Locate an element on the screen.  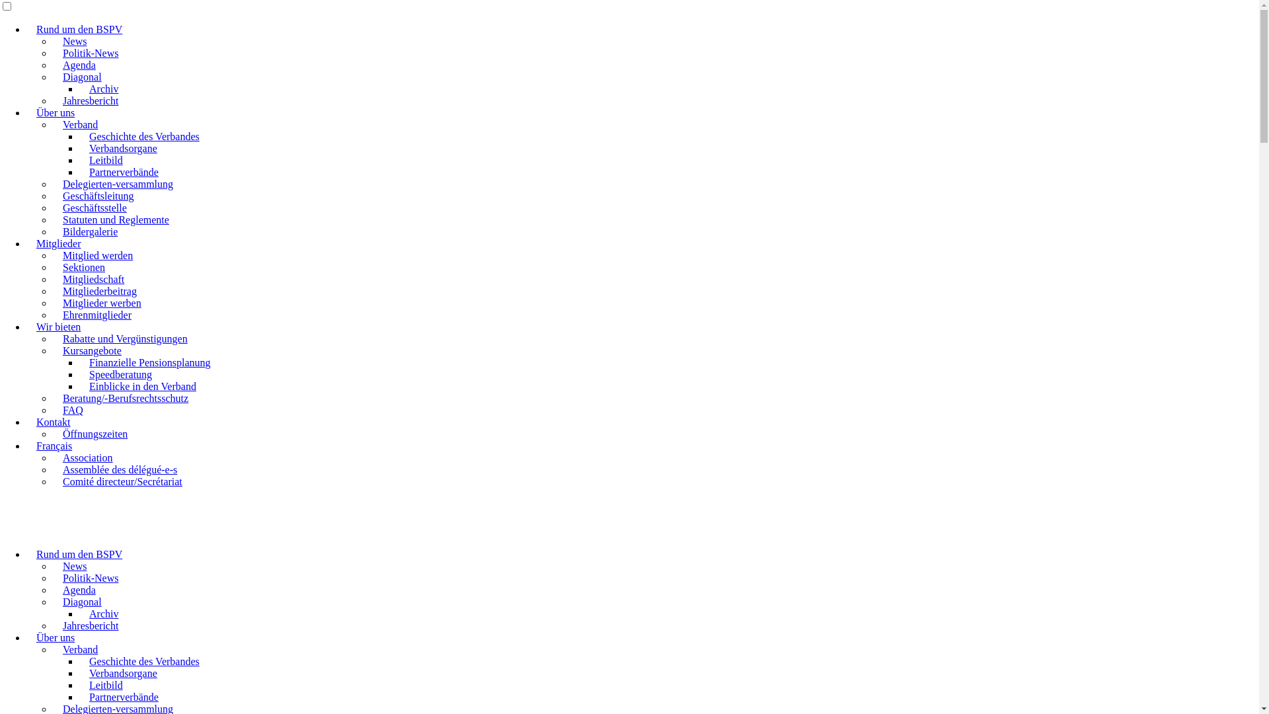
'Einblicke in den Verband' is located at coordinates (143, 386).